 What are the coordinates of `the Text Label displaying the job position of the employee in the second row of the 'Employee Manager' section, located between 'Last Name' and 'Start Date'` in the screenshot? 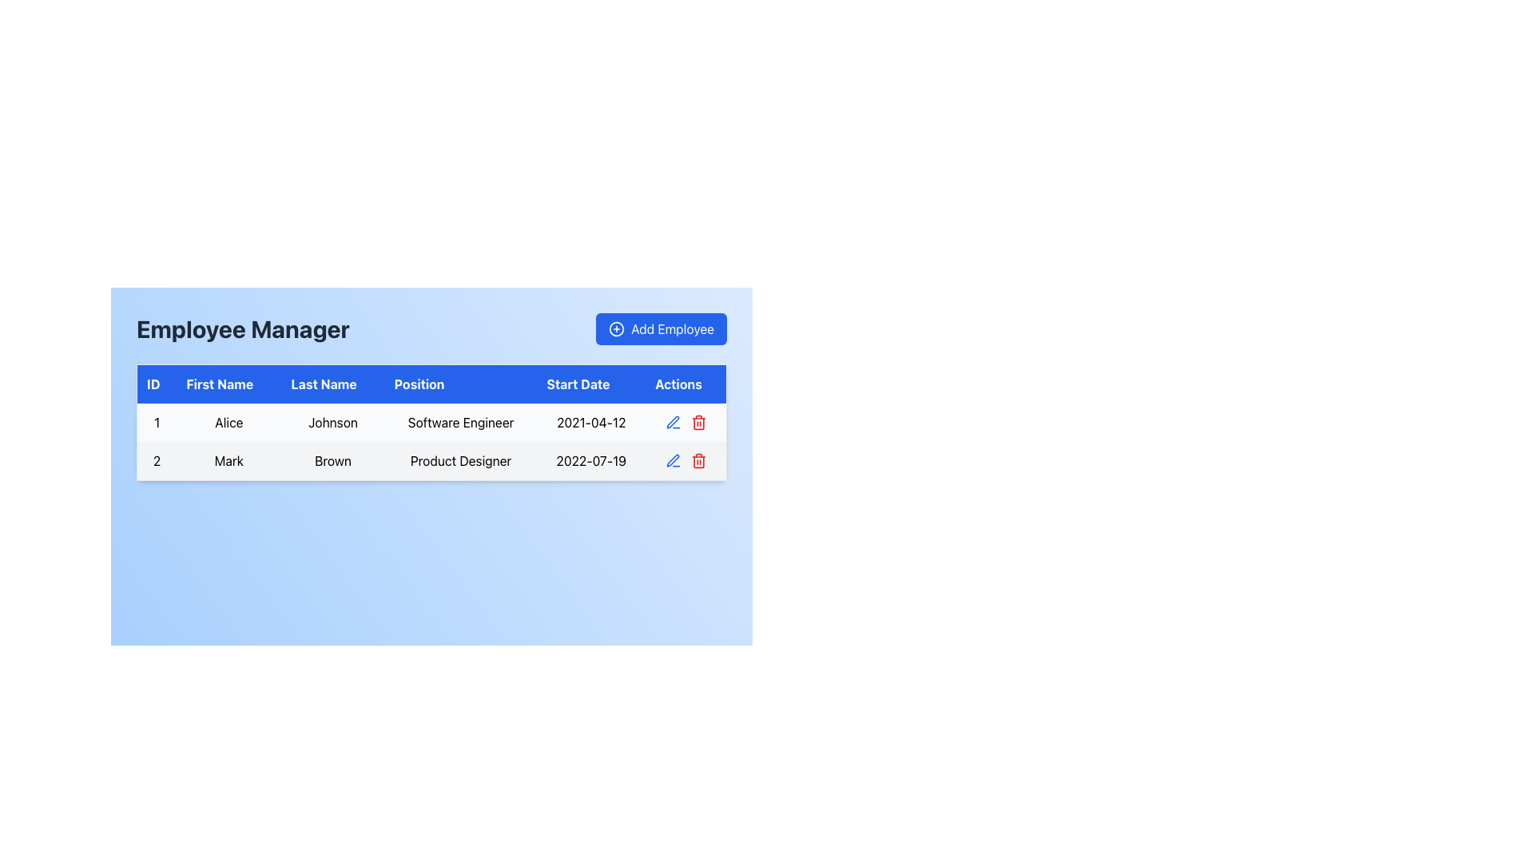 It's located at (460, 461).